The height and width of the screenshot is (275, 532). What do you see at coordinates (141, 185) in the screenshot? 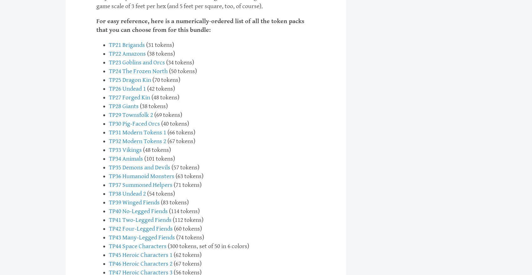
I see `'TP37 Summoned Helpers'` at bounding box center [141, 185].